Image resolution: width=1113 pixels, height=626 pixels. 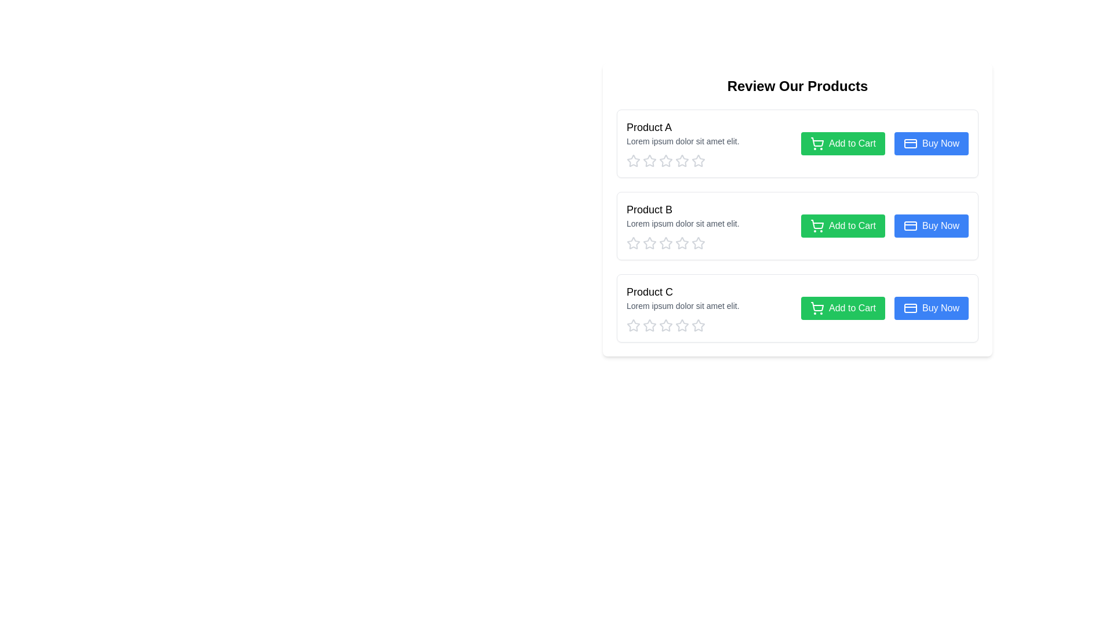 I want to click on text element displaying 'Lorem ipsum dolor sit amet elit.' which is styled in gray color and located under the 'Product B' title in the second product card, so click(x=683, y=223).